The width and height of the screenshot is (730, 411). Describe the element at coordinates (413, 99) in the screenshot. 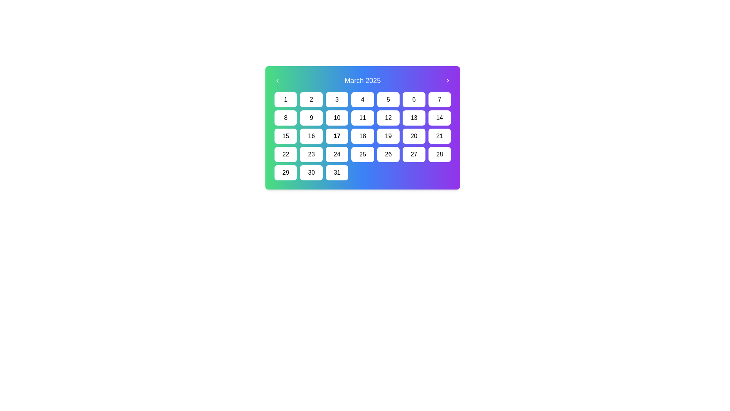

I see `the calendar date button representing the 6th day in the top row of the calendar grid` at that location.